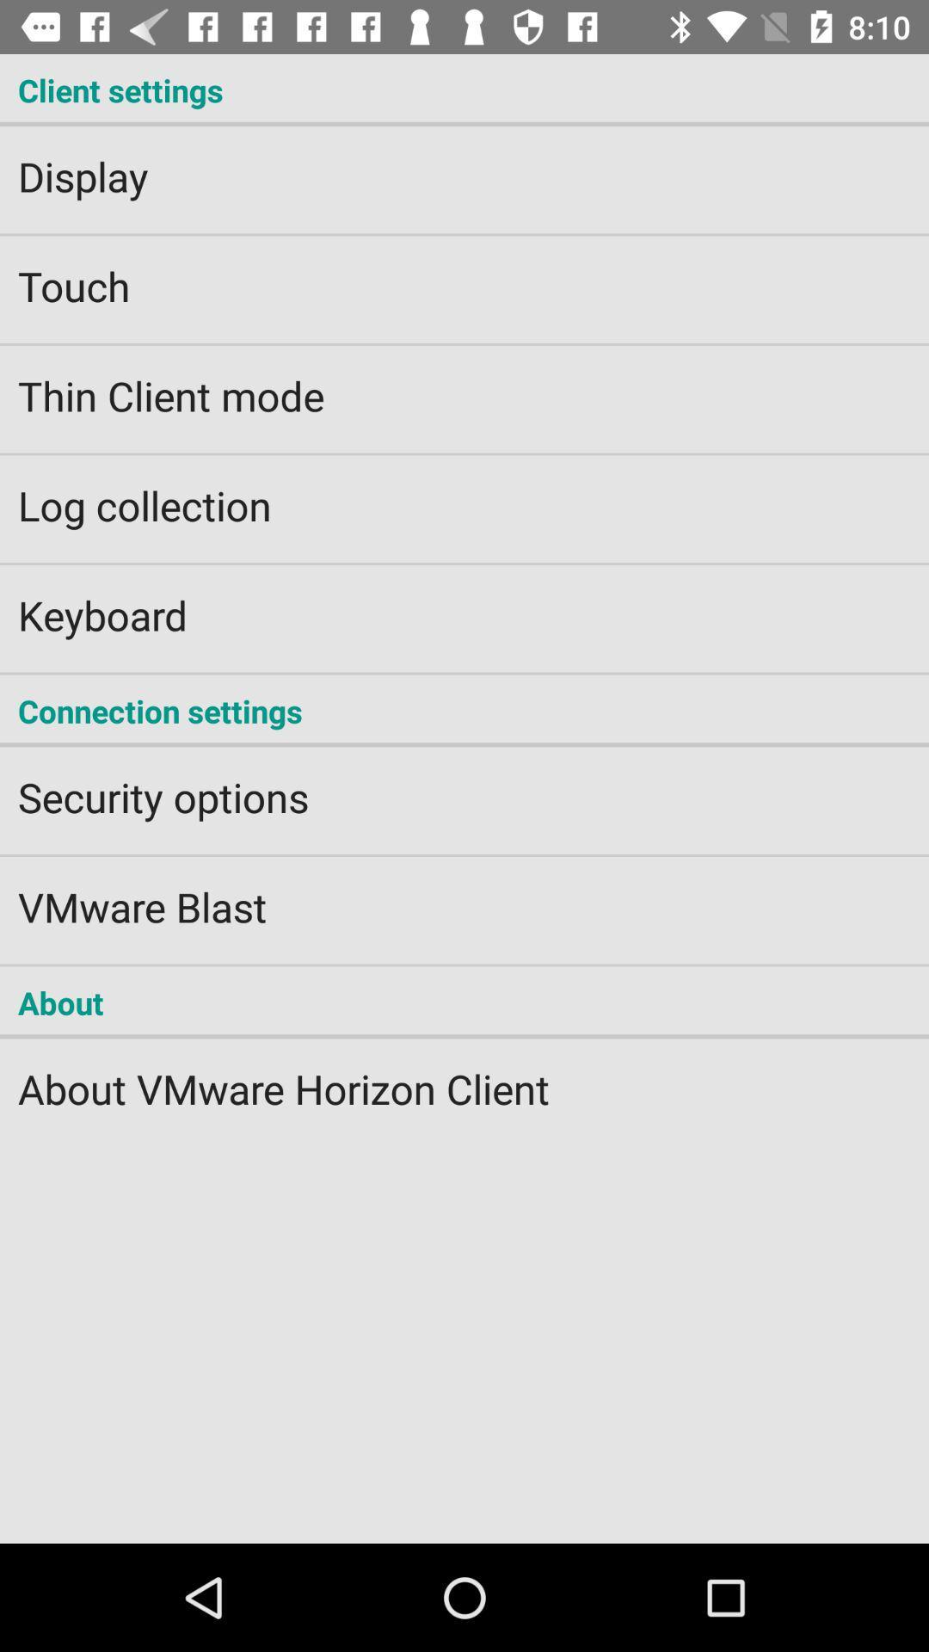 The height and width of the screenshot is (1652, 929). What do you see at coordinates (464, 711) in the screenshot?
I see `icon above the security options` at bounding box center [464, 711].